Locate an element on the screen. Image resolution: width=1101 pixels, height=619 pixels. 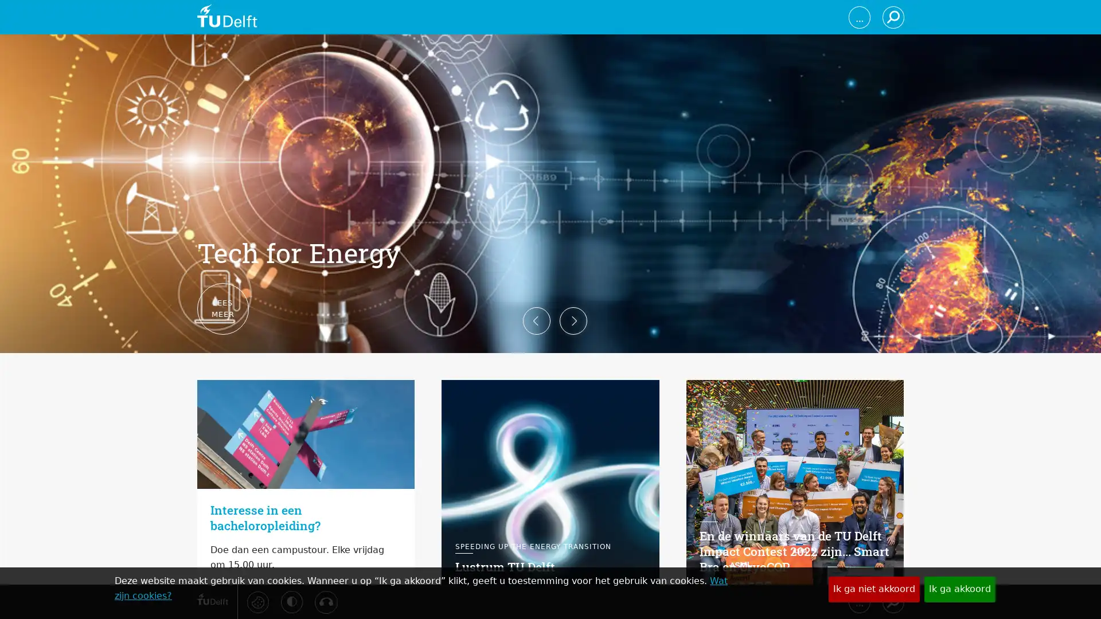
Activeer hoog contrast is located at coordinates (291, 601).